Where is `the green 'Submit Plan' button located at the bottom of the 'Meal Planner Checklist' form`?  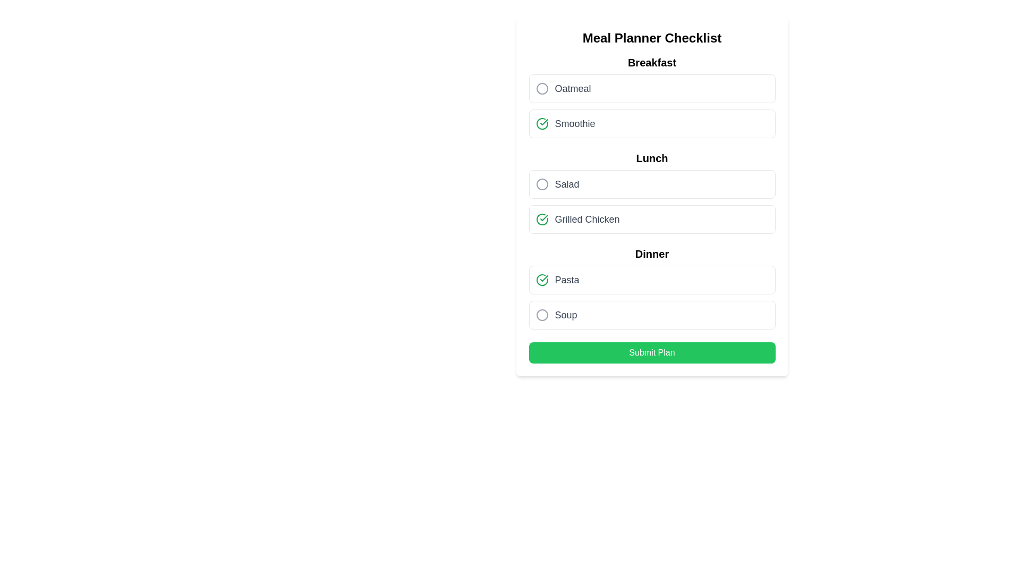 the green 'Submit Plan' button located at the bottom of the 'Meal Planner Checklist' form is located at coordinates (651, 352).